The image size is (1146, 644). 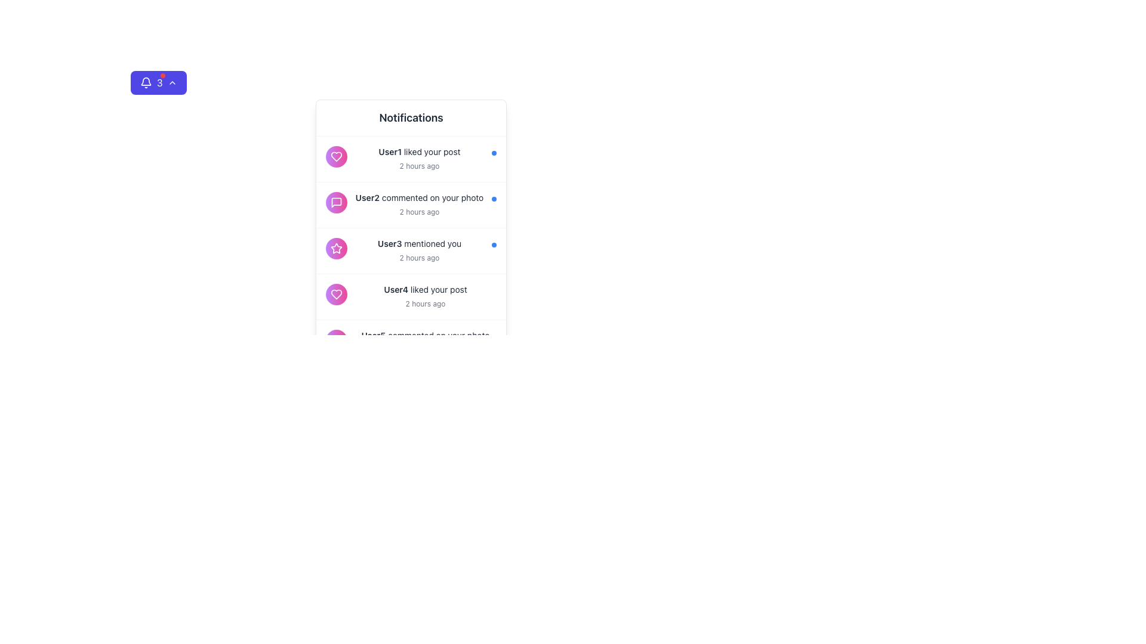 What do you see at coordinates (318, 194) in the screenshot?
I see `the second notification item in the Notifications card that indicates 'User2 commented on your photo 2 hours ago'` at bounding box center [318, 194].